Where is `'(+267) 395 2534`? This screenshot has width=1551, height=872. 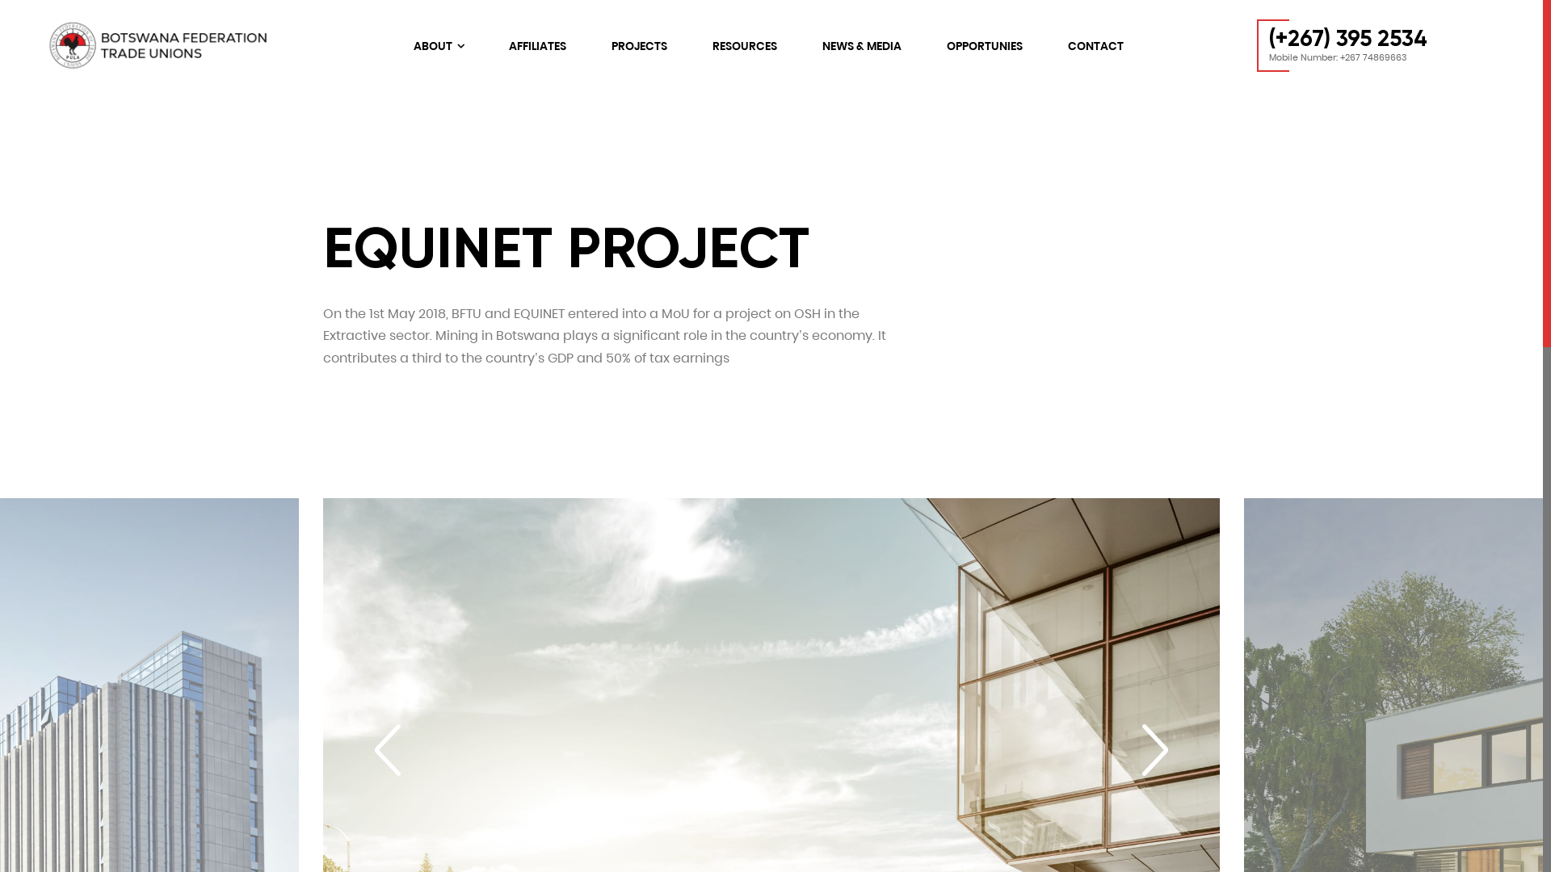 '(+267) 395 2534 is located at coordinates (1255, 44).